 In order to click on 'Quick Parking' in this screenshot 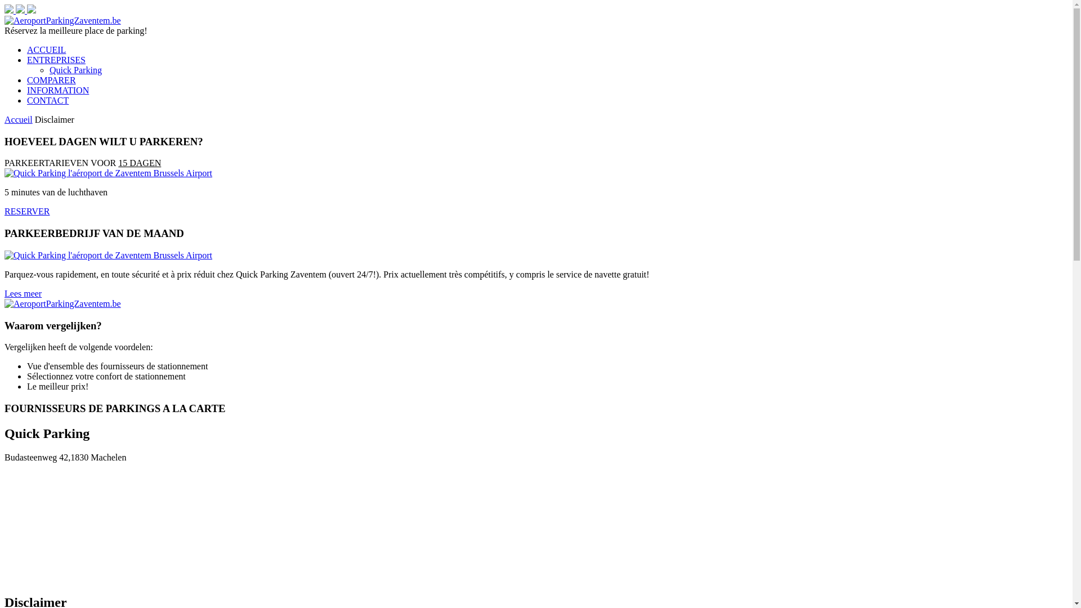, I will do `click(108, 173)`.